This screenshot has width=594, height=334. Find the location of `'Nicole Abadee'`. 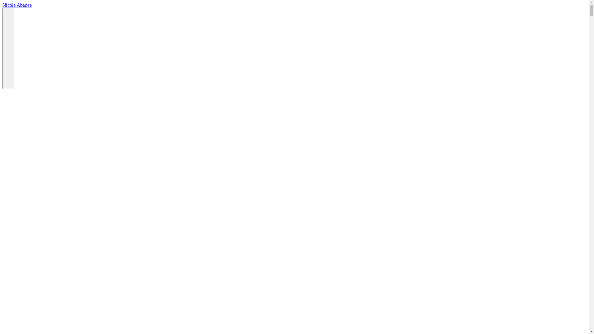

'Nicole Abadee' is located at coordinates (17, 5).